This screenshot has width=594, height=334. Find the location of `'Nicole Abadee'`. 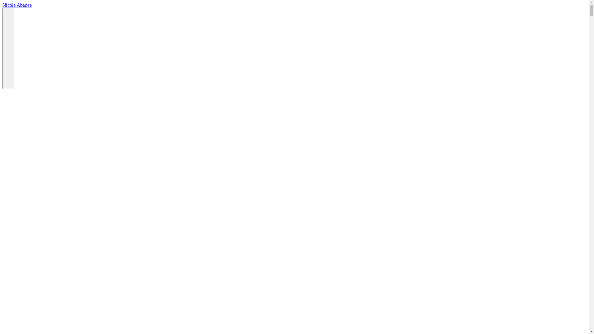

'Nicole Abadee' is located at coordinates (17, 5).